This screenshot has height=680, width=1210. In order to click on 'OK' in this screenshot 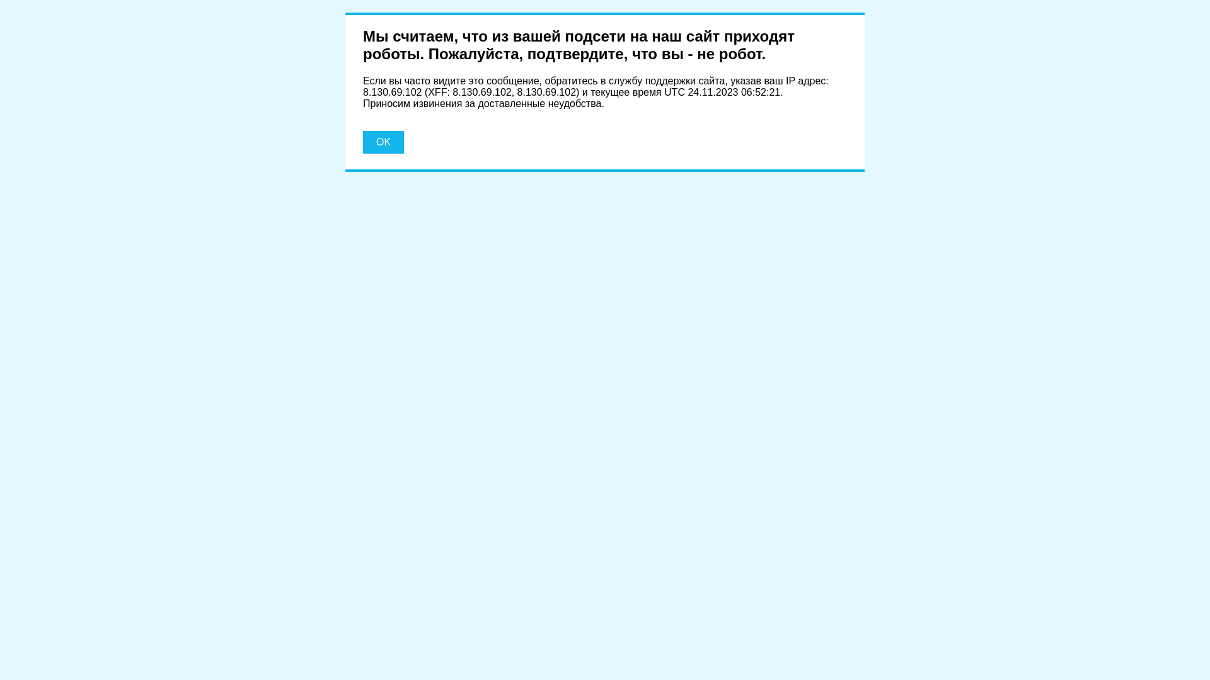, I will do `click(383, 142)`.